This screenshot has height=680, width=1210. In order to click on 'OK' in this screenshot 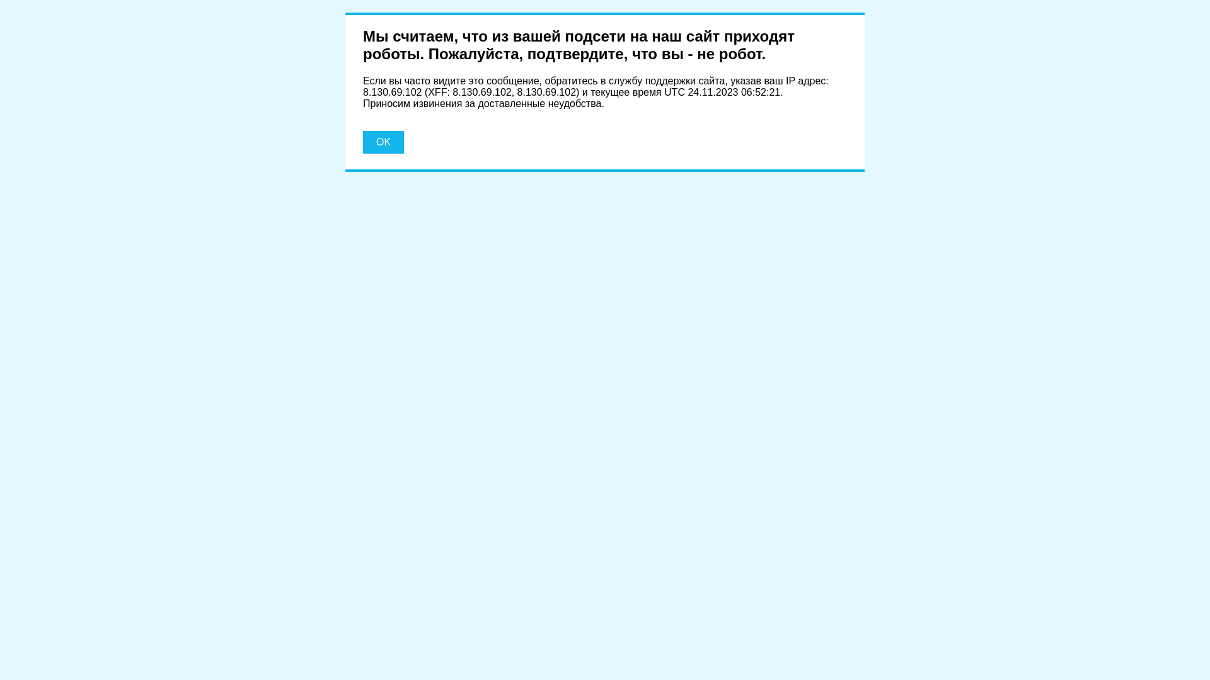, I will do `click(383, 142)`.